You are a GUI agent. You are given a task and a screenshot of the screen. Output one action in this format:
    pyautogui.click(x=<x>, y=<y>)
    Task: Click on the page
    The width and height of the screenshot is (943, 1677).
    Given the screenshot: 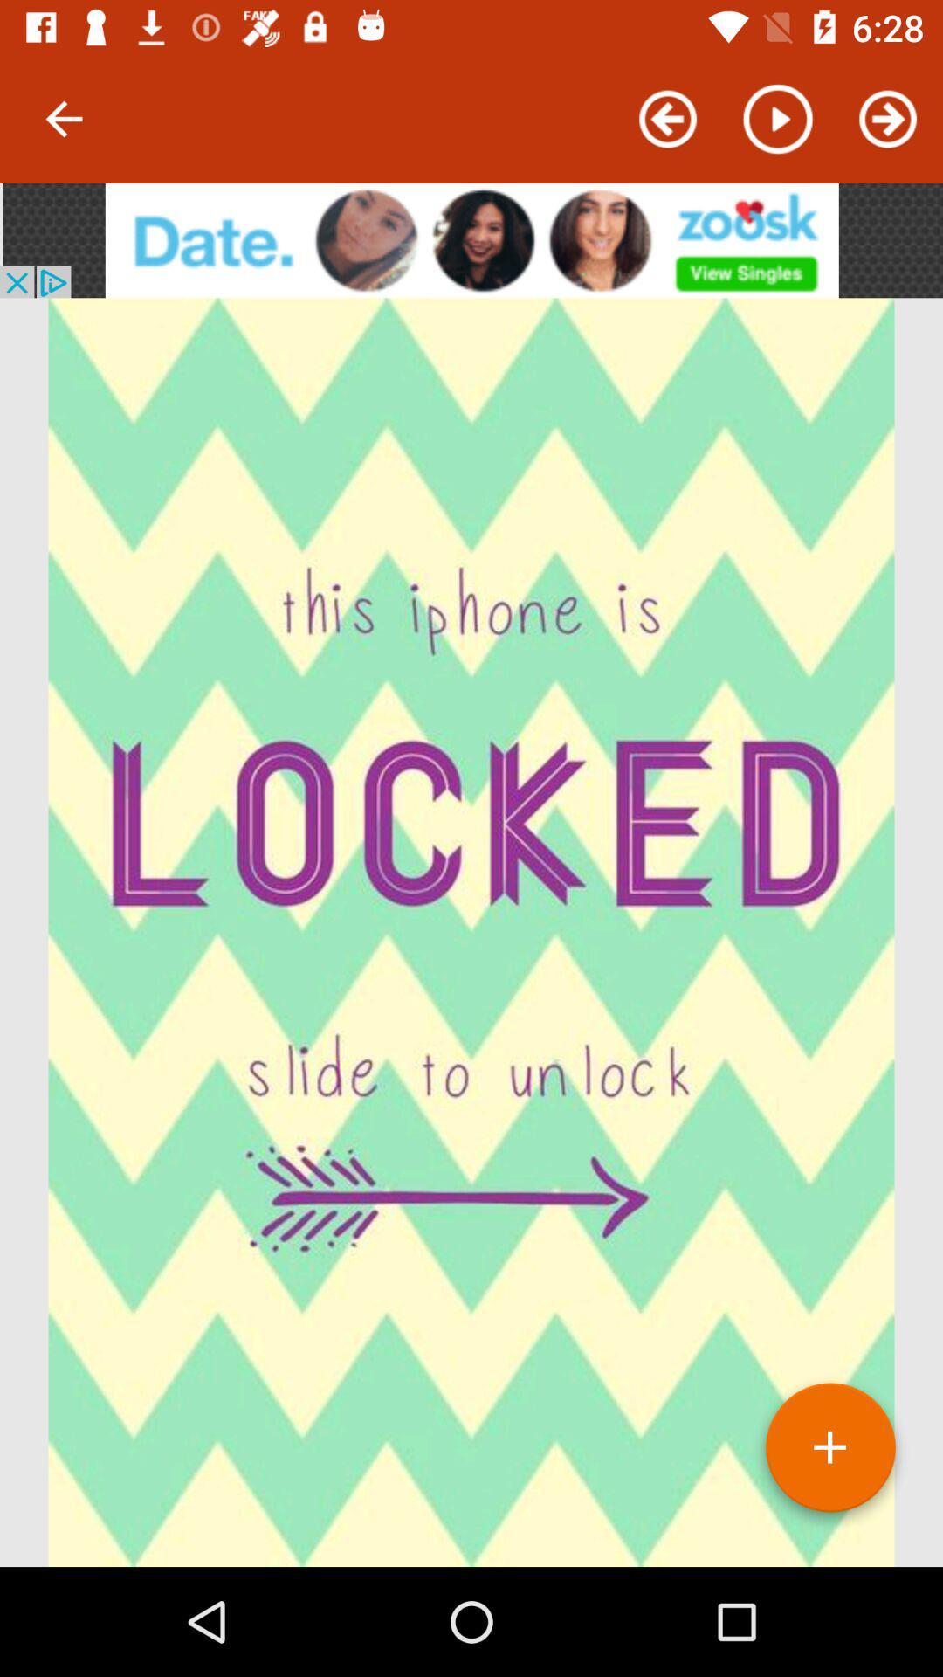 What is the action you would take?
    pyautogui.click(x=829, y=1454)
    